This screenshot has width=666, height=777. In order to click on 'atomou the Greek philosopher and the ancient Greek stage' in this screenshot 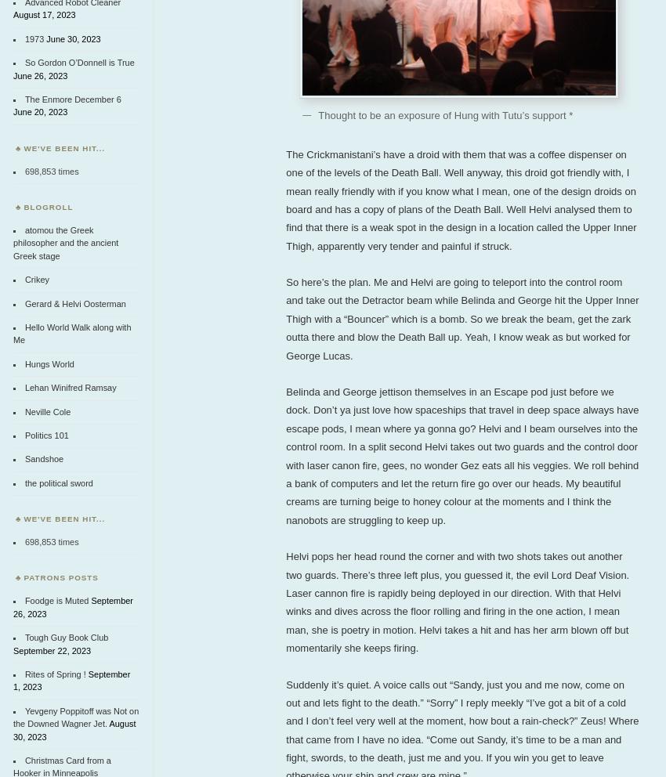, I will do `click(65, 242)`.